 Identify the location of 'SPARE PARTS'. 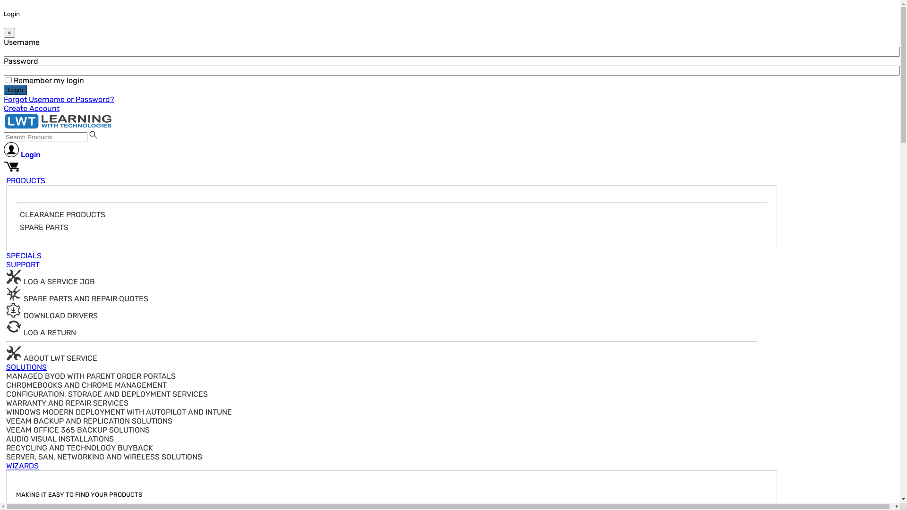
(43, 227).